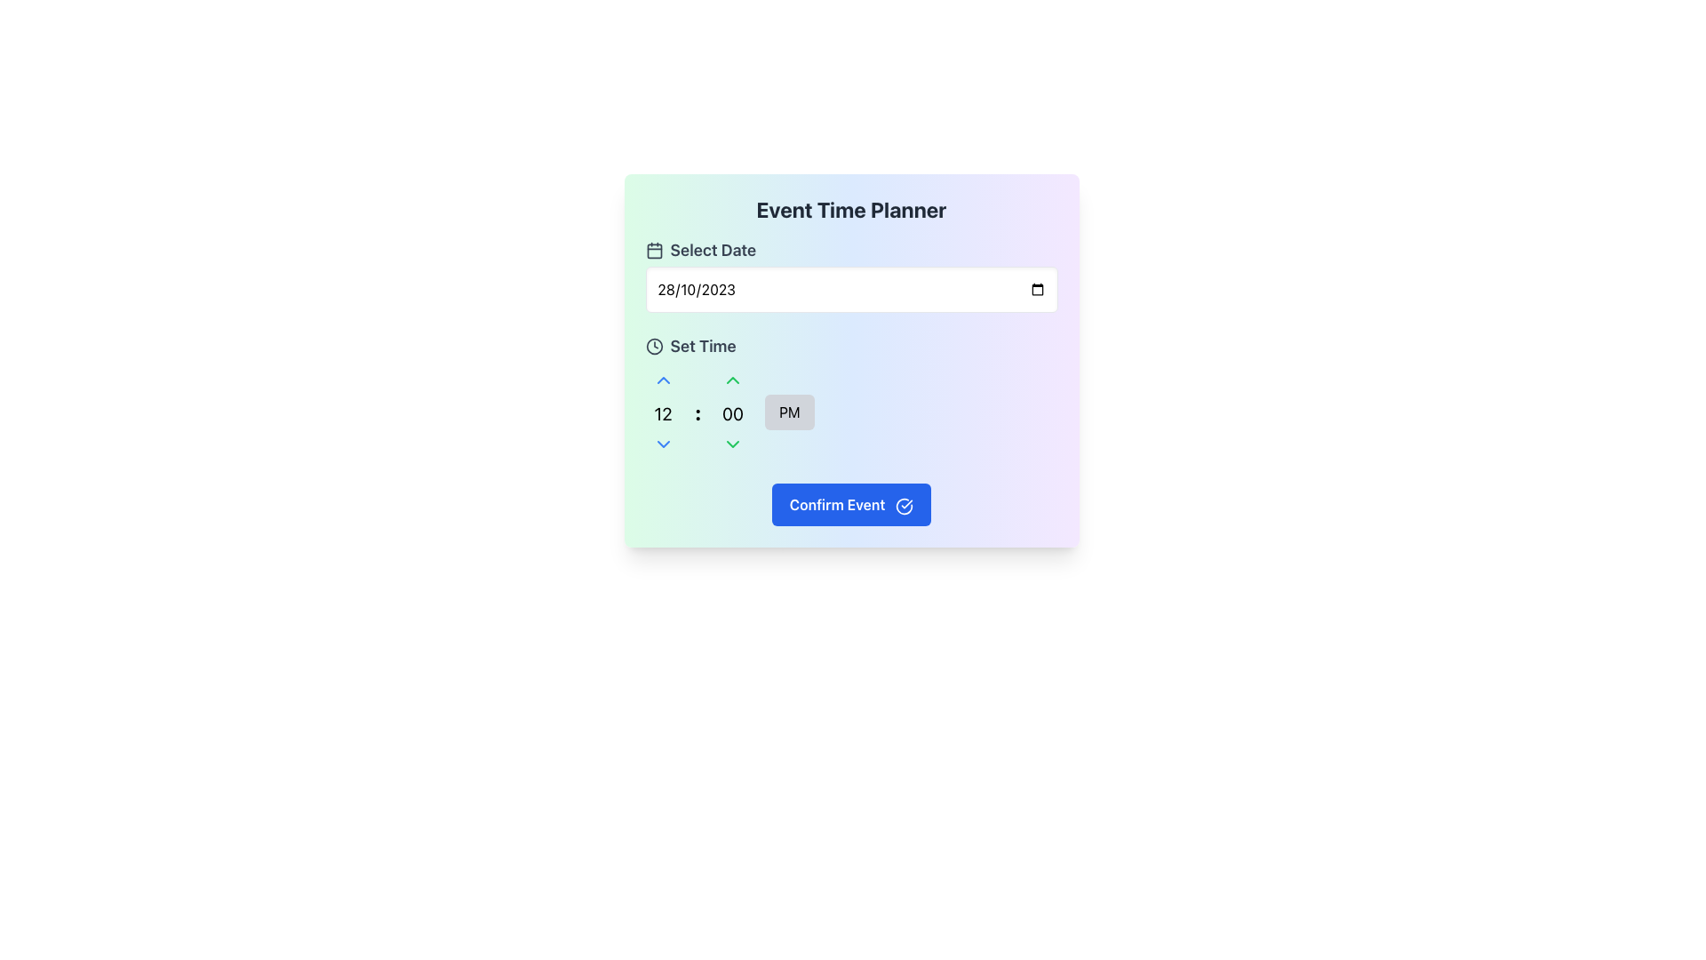 This screenshot has width=1706, height=960. I want to click on the circular SVG graphic that represents the main boundary of the clock illustration in the 'Set Time' section of the 'Event Time Planner' card, so click(653, 346).